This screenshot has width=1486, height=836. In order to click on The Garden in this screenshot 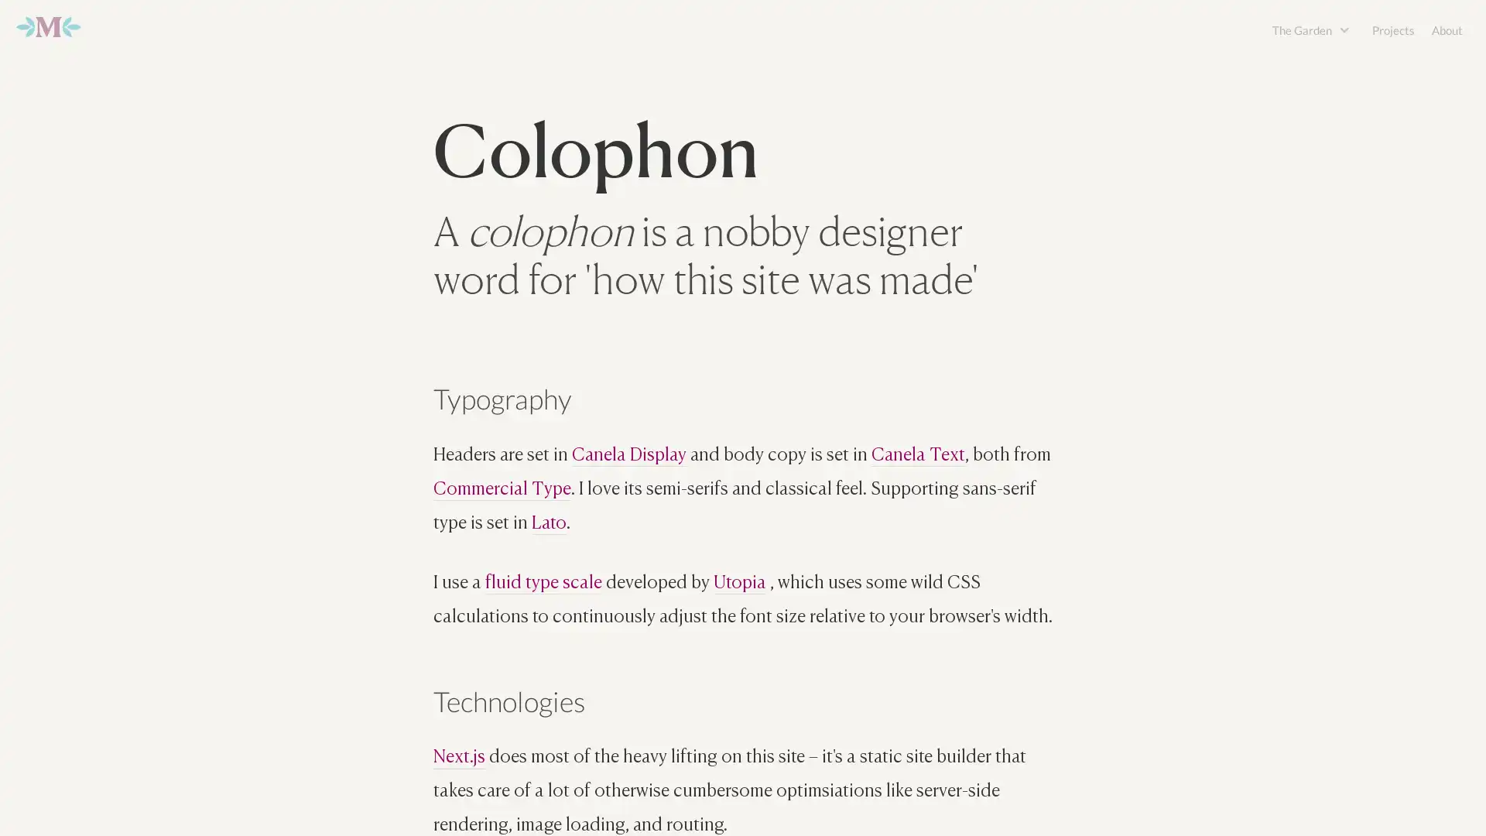, I will do `click(1303, 29)`.